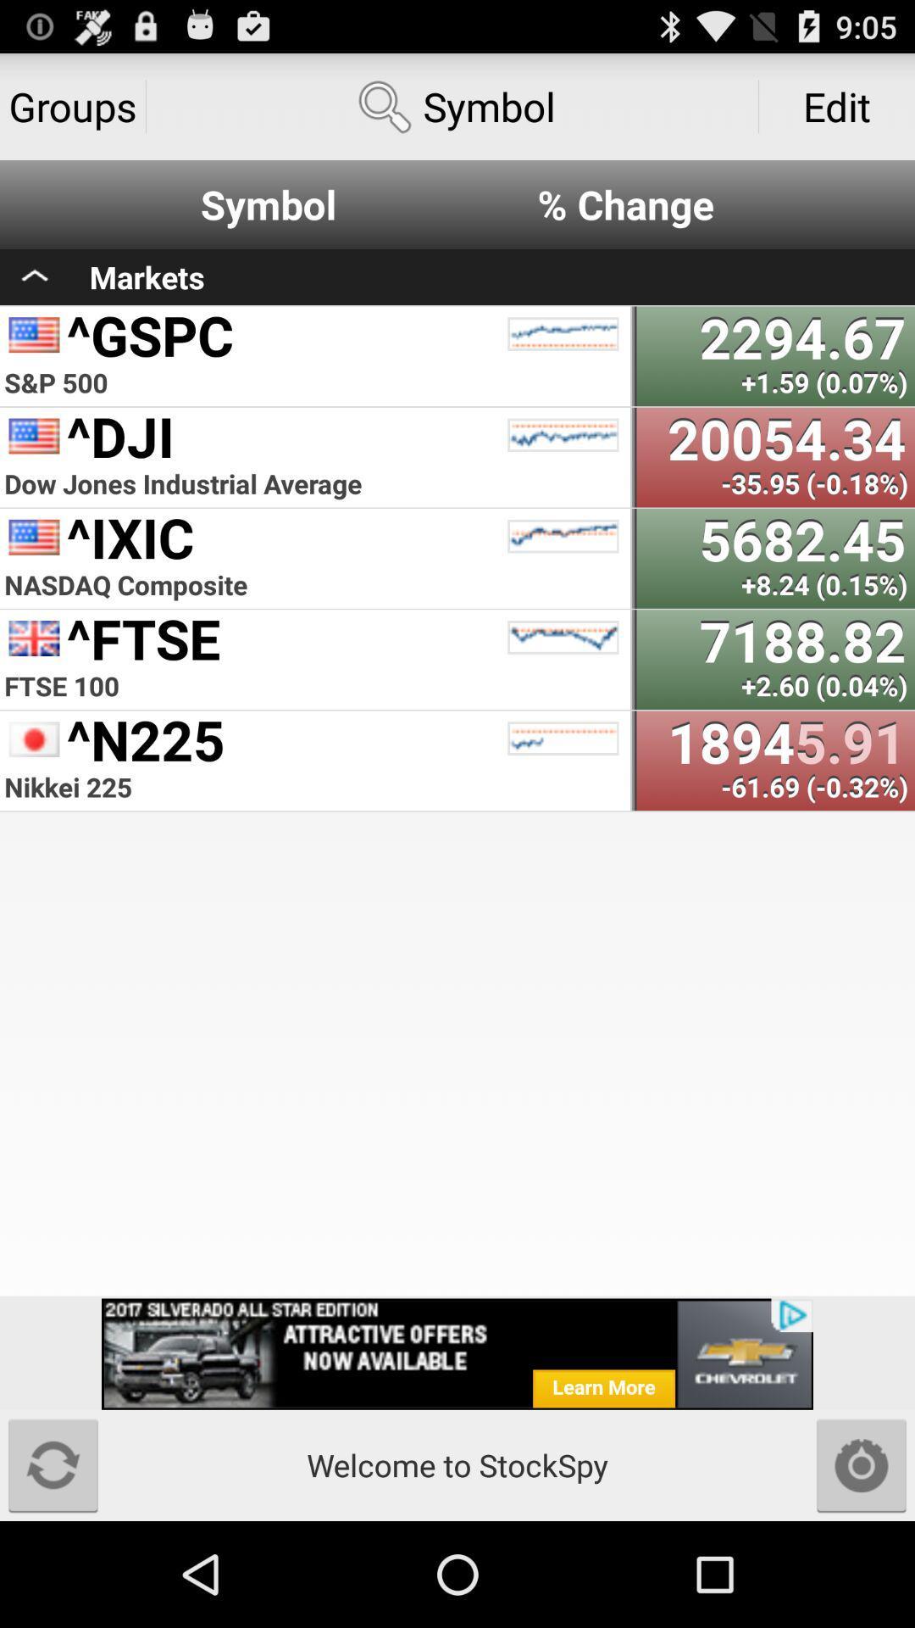  What do you see at coordinates (52, 1464) in the screenshot?
I see `refresh` at bounding box center [52, 1464].